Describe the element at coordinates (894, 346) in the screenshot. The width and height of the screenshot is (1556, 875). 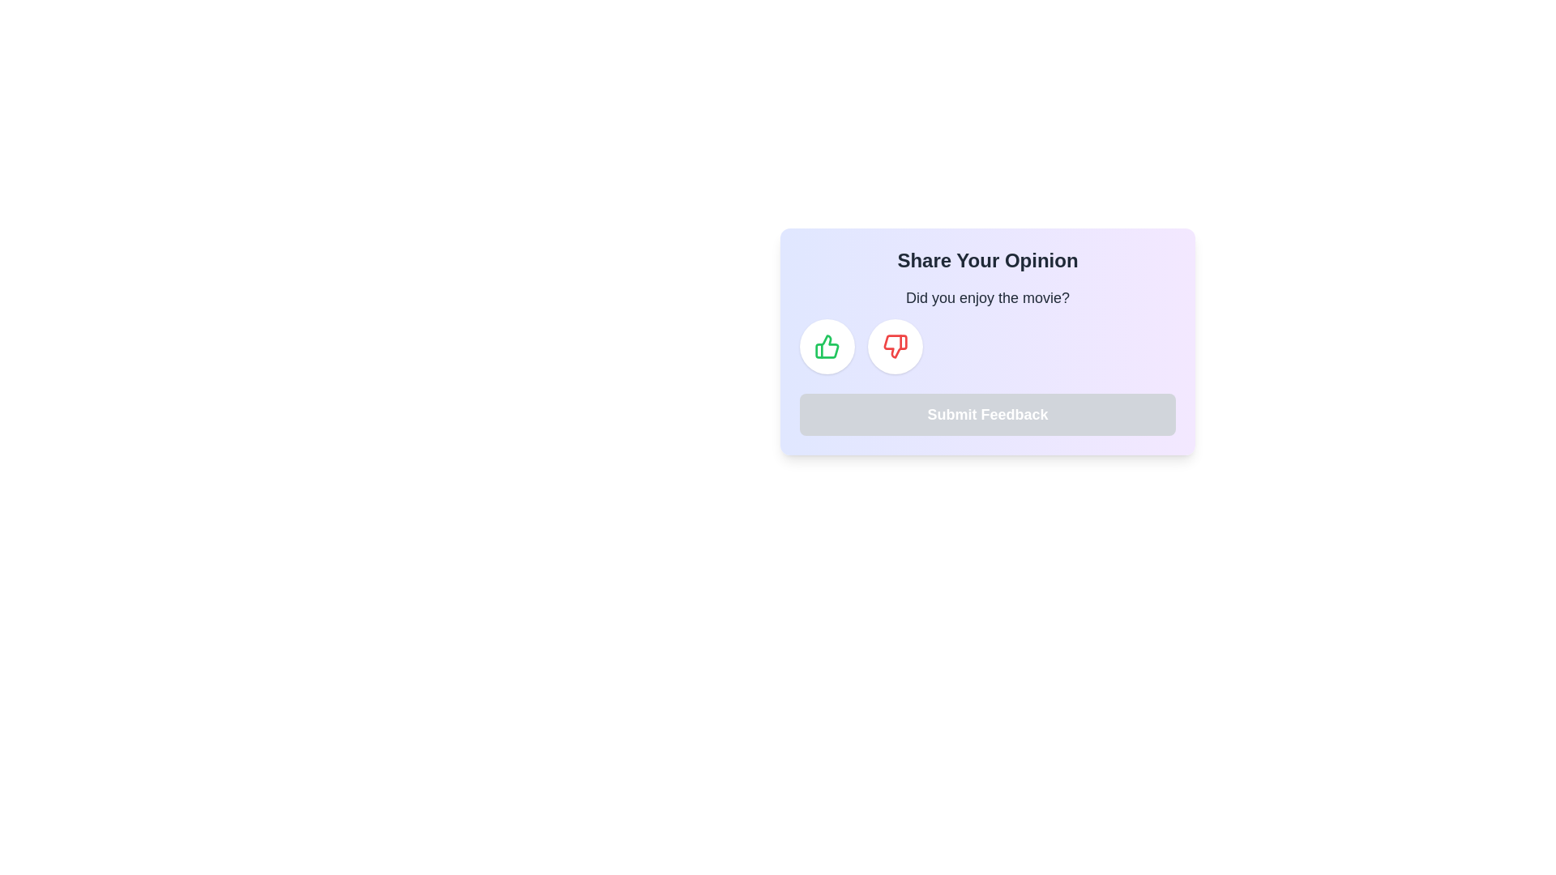
I see `the negative feedback button, which is the second button in a horizontal list of two, positioned to the right of the green thumbs-up button, to observe potential hover effects` at that location.